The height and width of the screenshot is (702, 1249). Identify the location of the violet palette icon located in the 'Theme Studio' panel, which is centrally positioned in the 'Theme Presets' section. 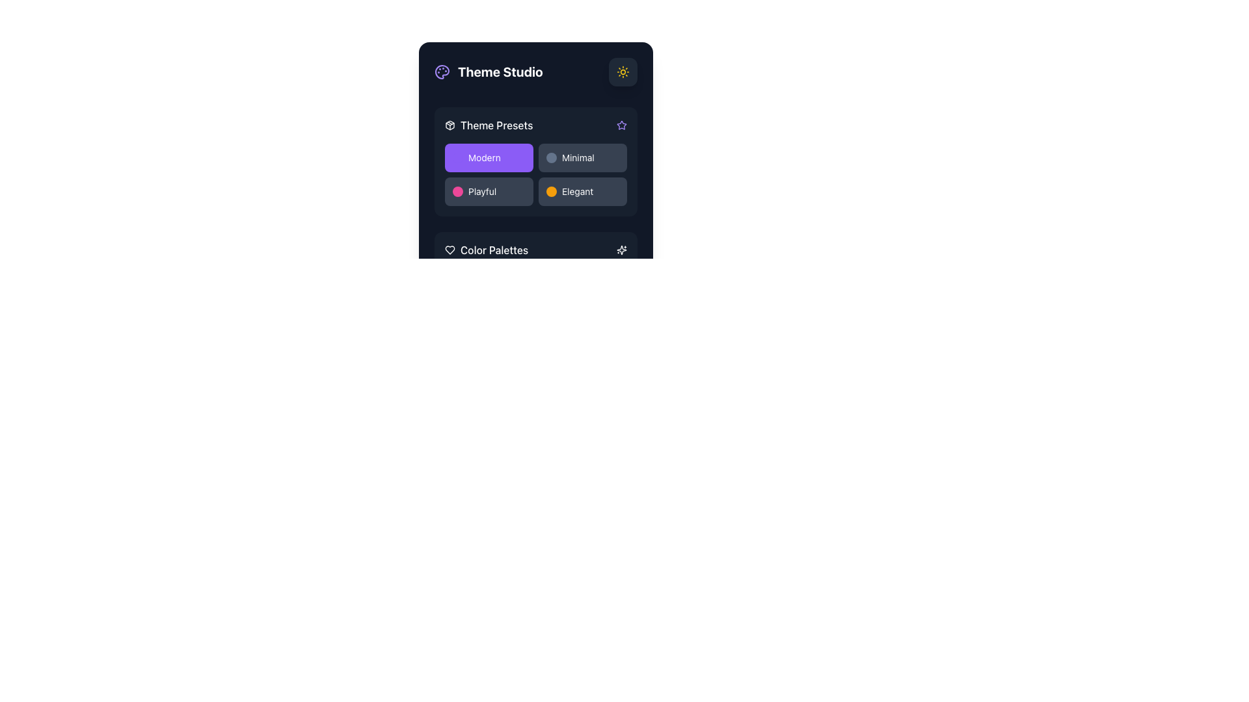
(442, 72).